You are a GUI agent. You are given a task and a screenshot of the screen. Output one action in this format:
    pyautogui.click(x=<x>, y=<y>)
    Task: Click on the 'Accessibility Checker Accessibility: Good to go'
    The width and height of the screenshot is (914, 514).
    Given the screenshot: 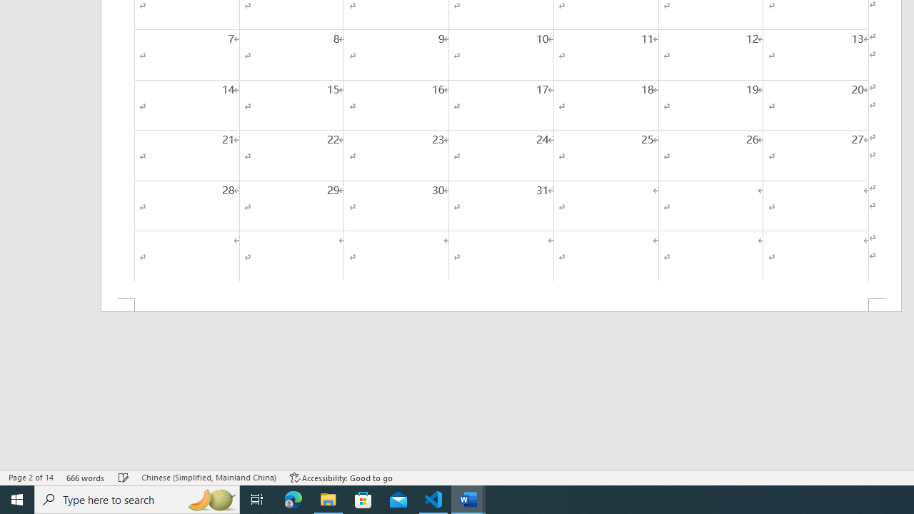 What is the action you would take?
    pyautogui.click(x=341, y=478)
    